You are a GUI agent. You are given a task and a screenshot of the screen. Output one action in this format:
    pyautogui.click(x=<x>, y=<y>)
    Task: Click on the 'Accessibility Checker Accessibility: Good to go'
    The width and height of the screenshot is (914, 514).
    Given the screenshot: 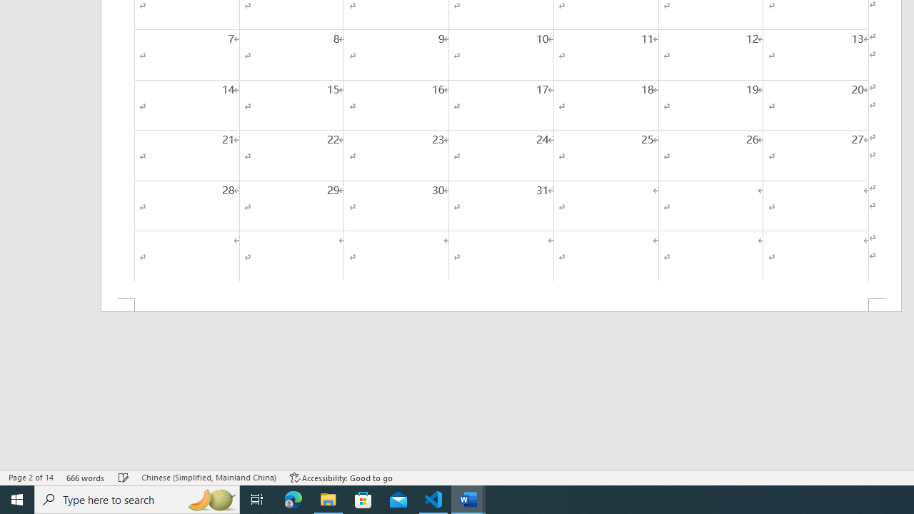 What is the action you would take?
    pyautogui.click(x=341, y=478)
    